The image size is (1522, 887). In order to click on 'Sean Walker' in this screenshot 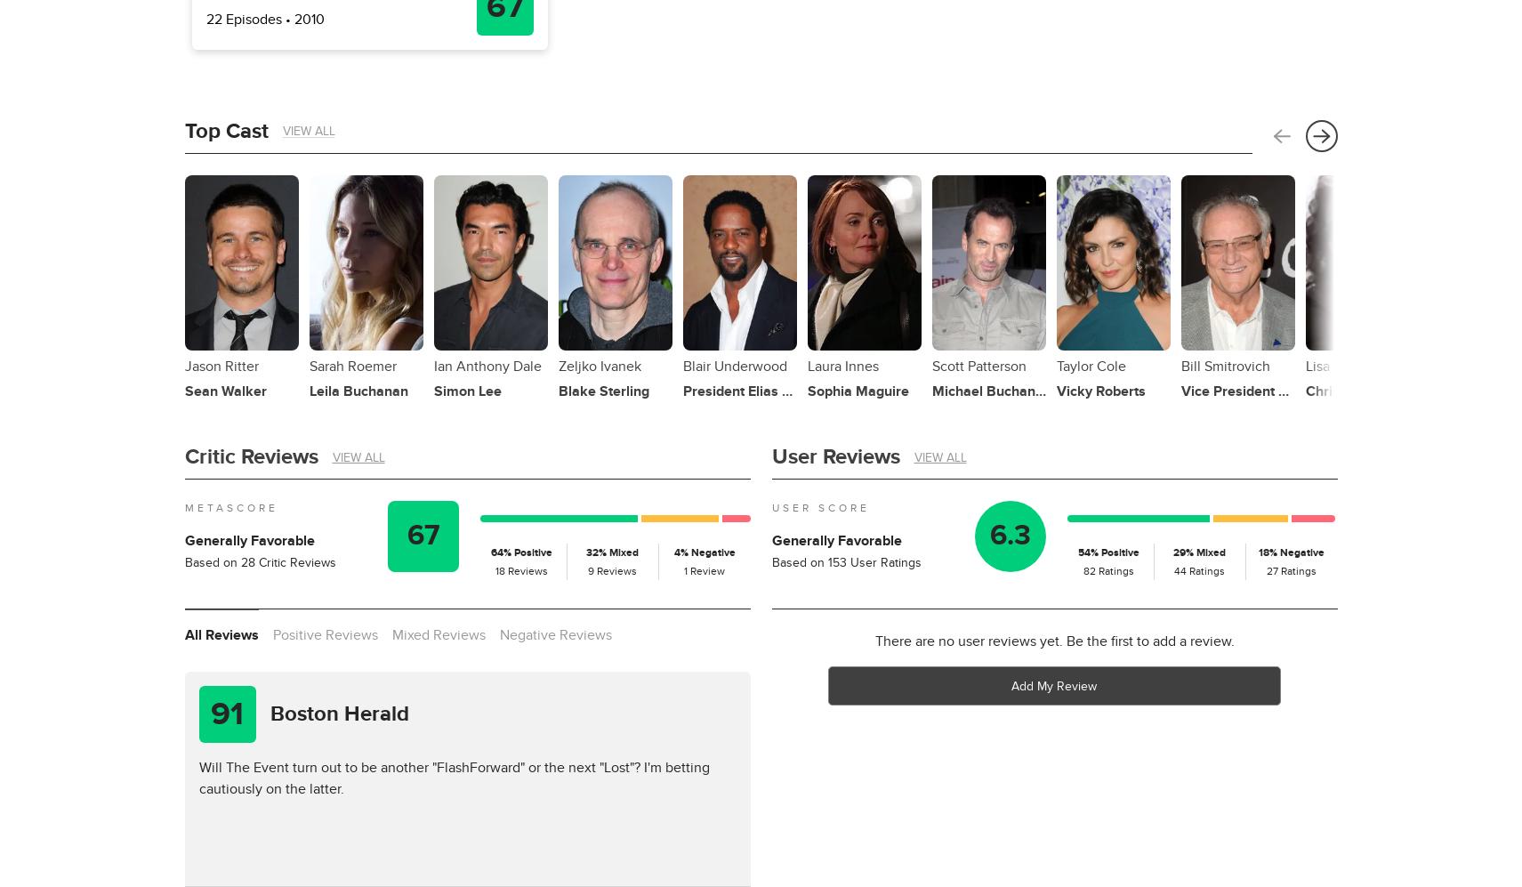, I will do `click(224, 390)`.